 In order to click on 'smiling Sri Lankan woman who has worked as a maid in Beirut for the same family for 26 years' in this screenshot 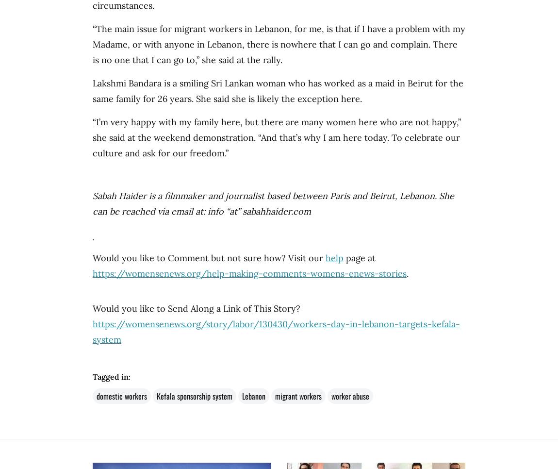, I will do `click(92, 91)`.